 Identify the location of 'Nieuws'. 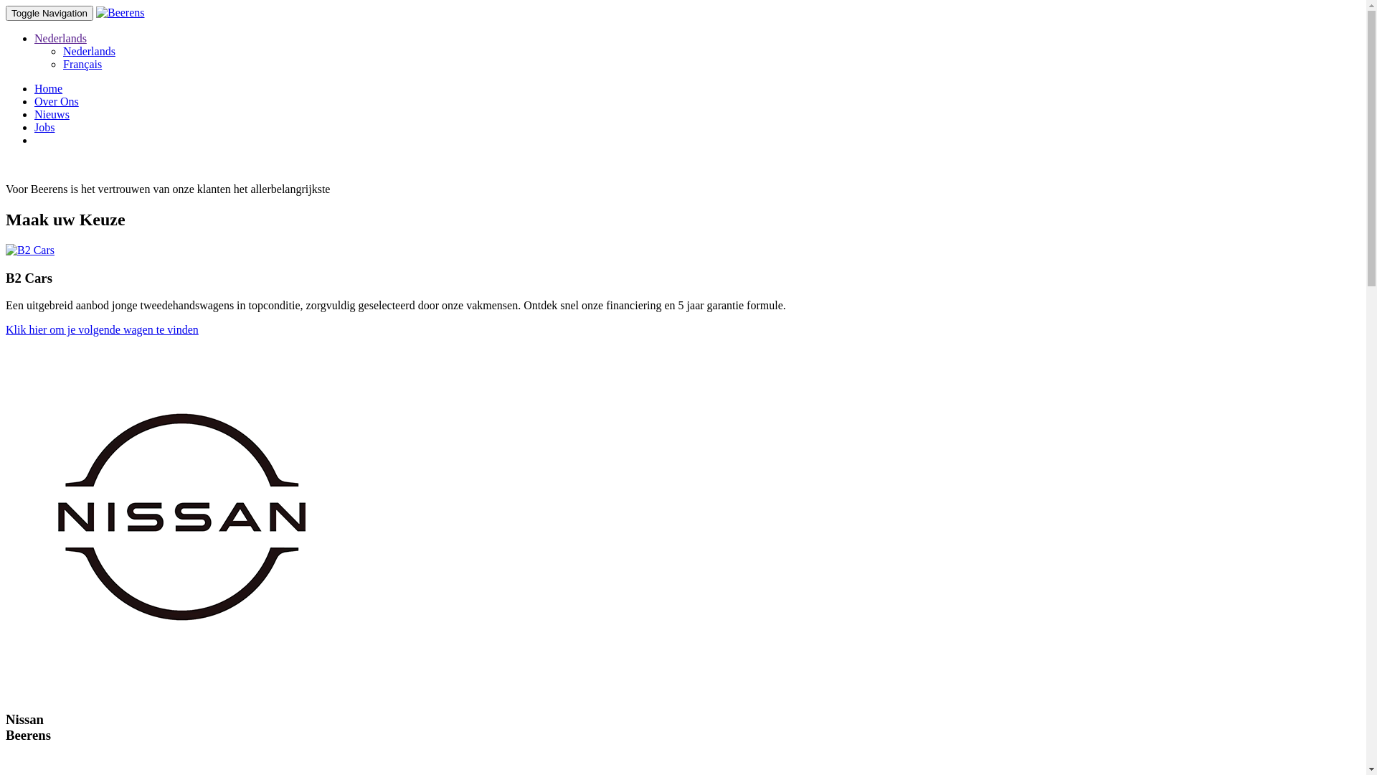
(34, 113).